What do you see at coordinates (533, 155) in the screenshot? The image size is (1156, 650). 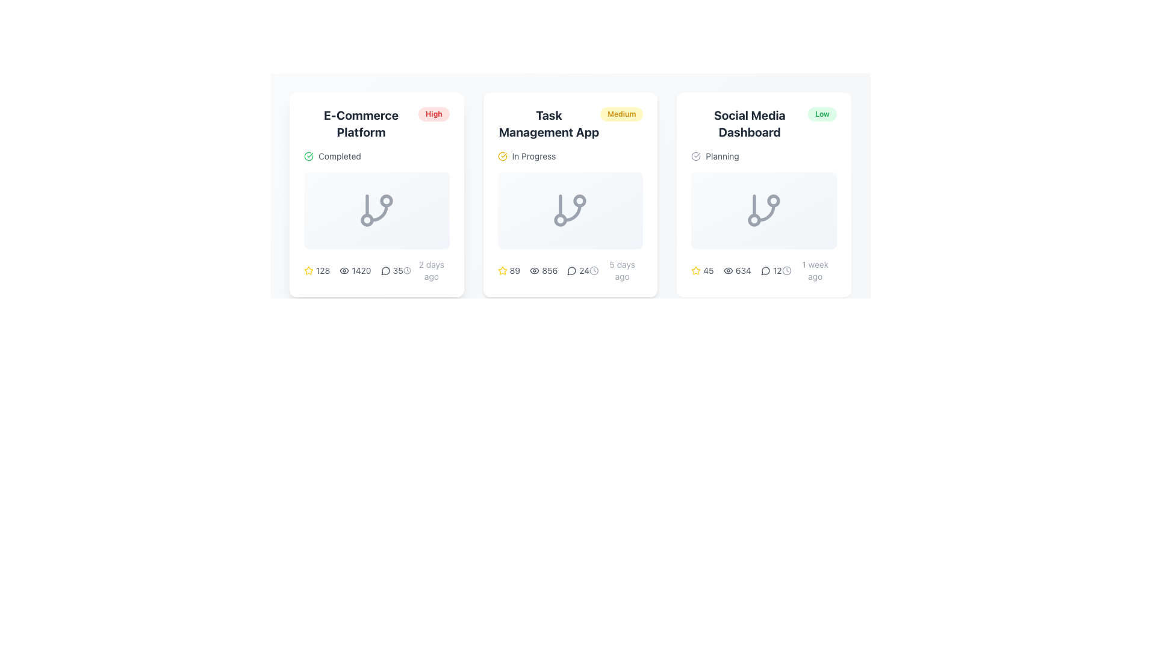 I see `the small text label that displays "In Progress", indicating the current status next to the progress icon in the Task Management App card` at bounding box center [533, 155].